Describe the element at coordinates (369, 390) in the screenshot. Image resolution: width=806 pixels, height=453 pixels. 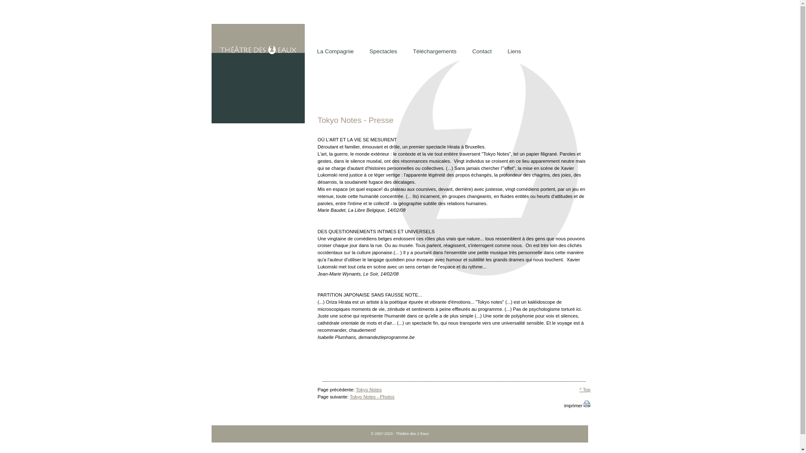
I see `'Tokyo Notes'` at that location.